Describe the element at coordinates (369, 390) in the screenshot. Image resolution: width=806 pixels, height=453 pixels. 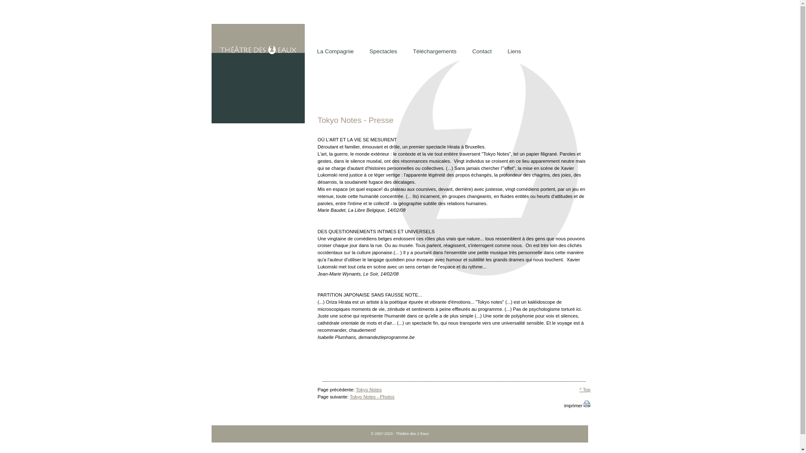
I see `'Tokyo Notes'` at that location.